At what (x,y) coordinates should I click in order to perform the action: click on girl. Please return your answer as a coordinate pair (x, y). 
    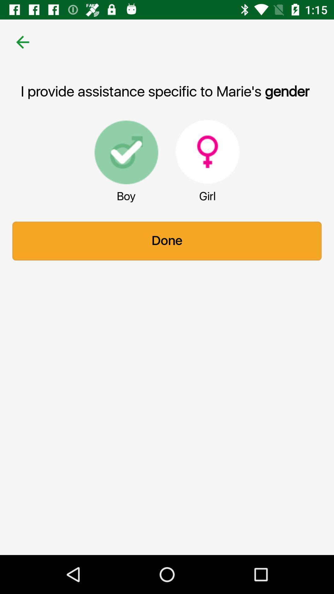
    Looking at the image, I should click on (208, 152).